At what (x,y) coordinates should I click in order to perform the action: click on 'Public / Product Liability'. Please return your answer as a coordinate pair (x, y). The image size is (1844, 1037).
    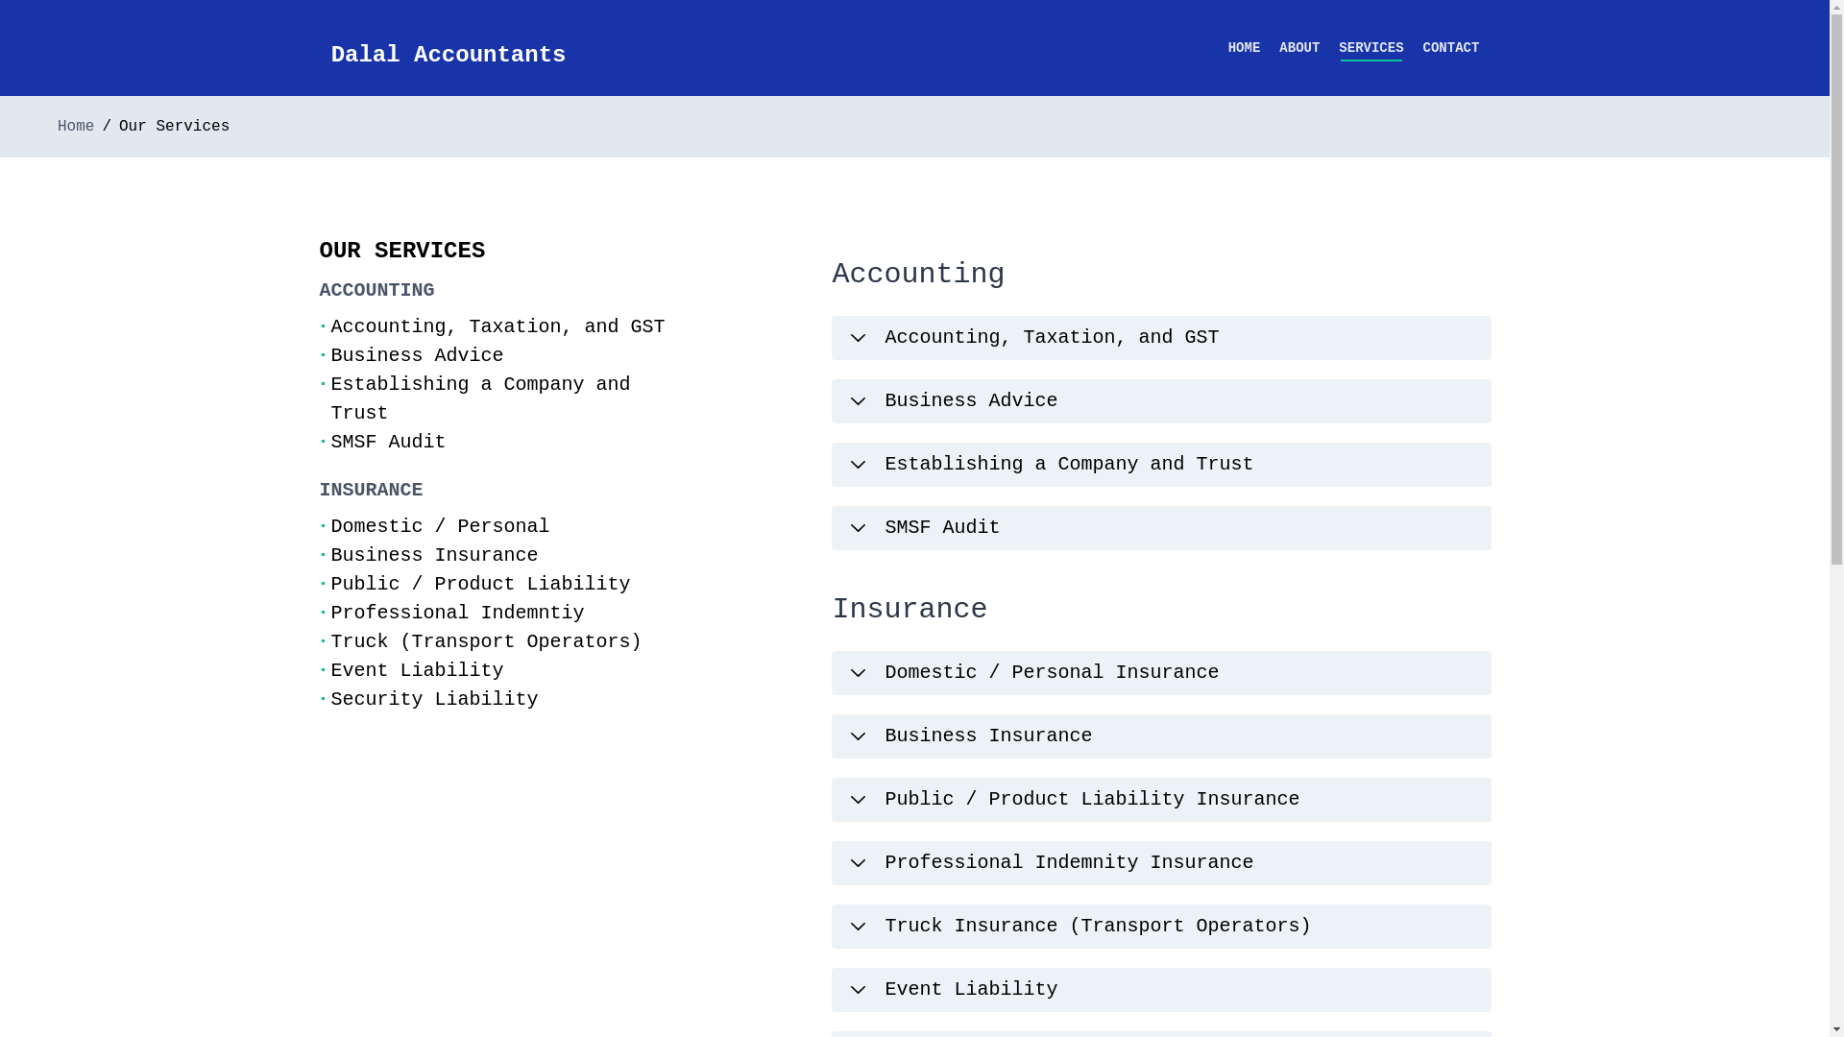
    Looking at the image, I should click on (479, 583).